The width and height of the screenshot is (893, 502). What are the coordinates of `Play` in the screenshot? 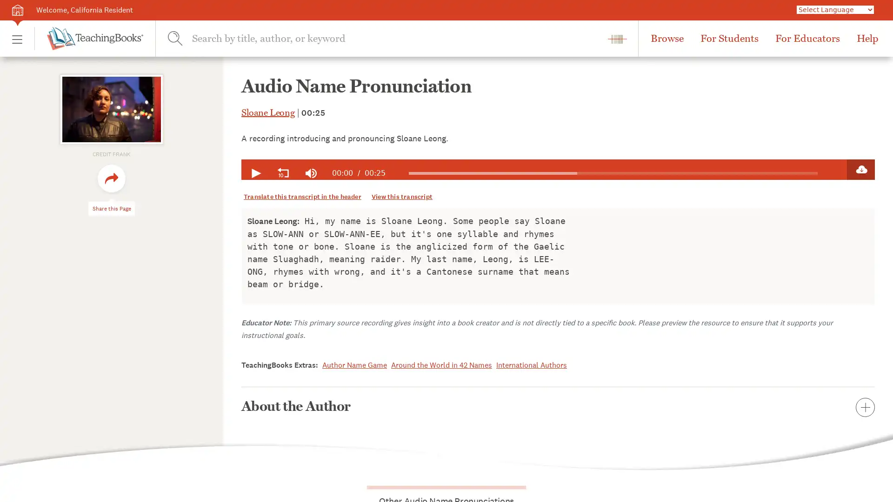 It's located at (255, 173).